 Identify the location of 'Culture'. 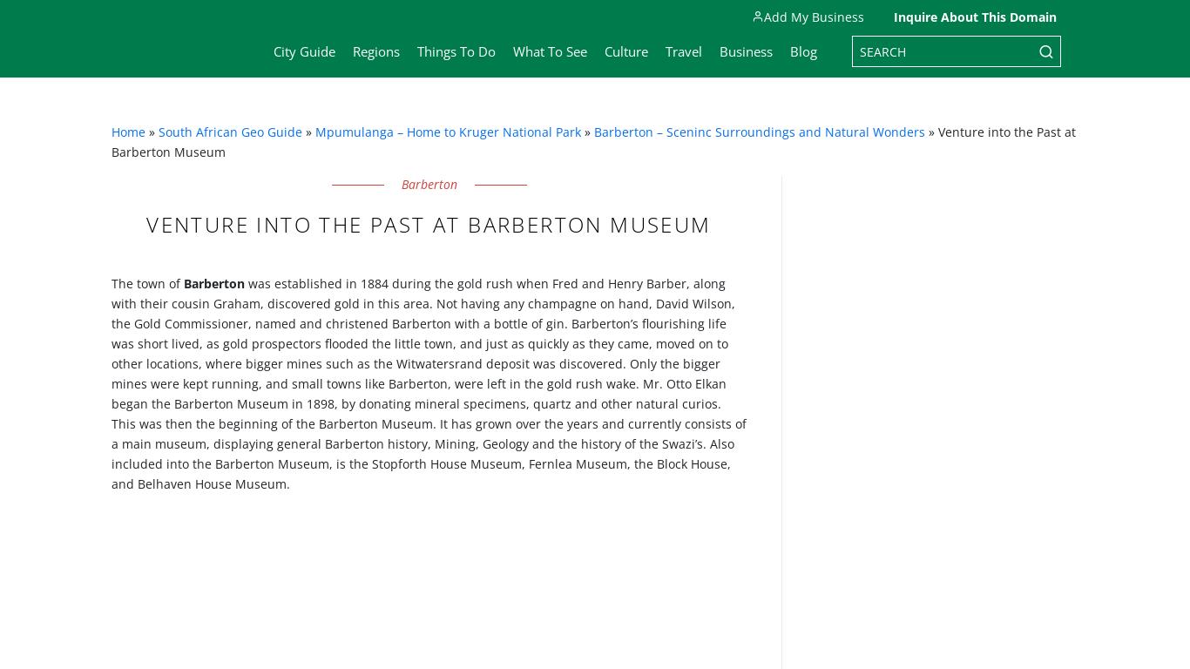
(605, 51).